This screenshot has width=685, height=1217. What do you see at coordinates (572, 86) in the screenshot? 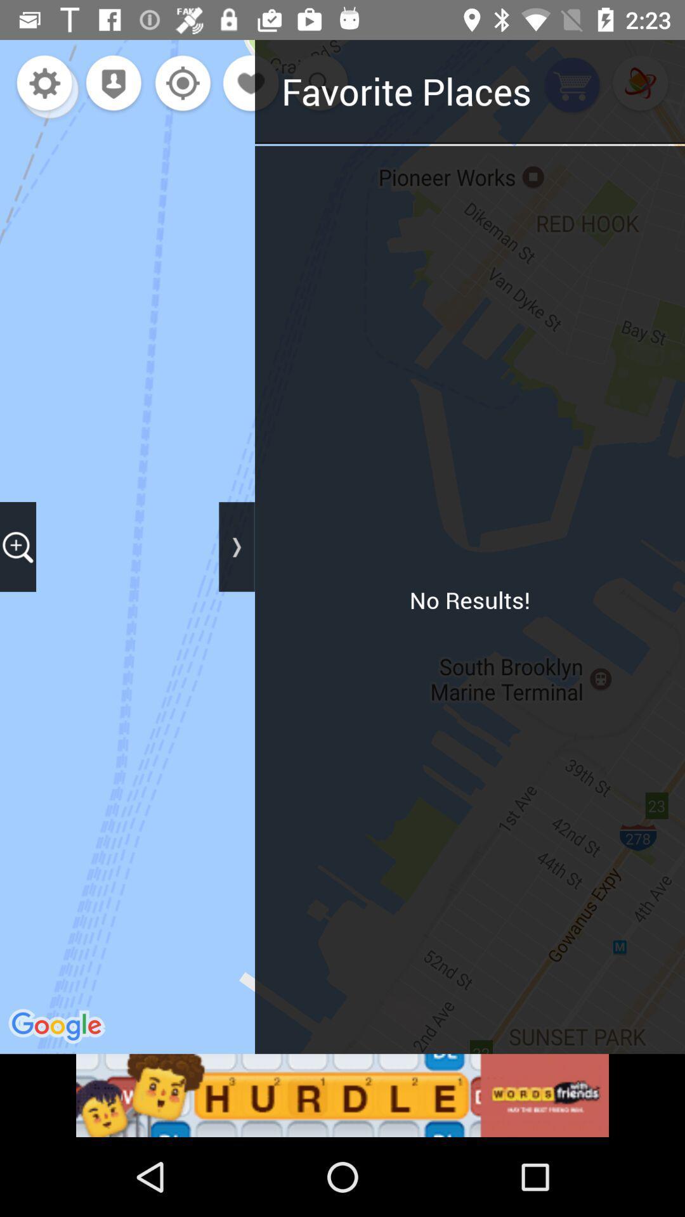
I see `the cart icon` at bounding box center [572, 86].